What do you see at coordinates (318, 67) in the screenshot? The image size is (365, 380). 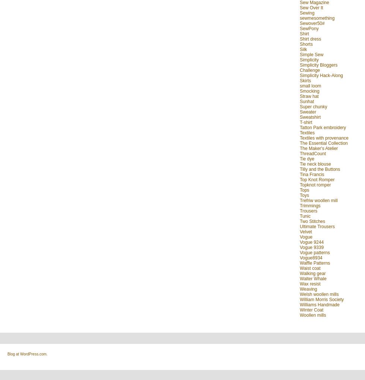 I see `'Simplicity Bloggers Challenge'` at bounding box center [318, 67].